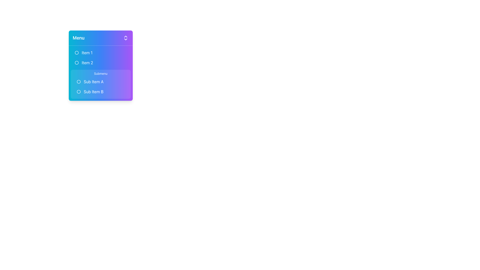  What do you see at coordinates (78, 91) in the screenshot?
I see `the radio button indicator` at bounding box center [78, 91].